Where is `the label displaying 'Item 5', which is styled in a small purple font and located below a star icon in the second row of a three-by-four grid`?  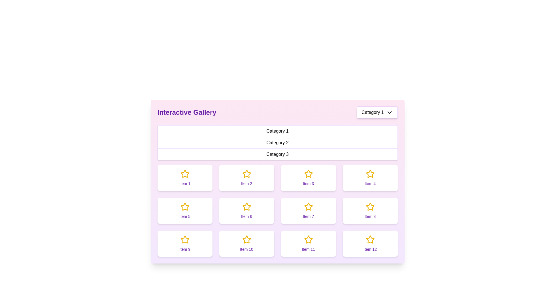
the label displaying 'Item 5', which is styled in a small purple font and located below a star icon in the second row of a three-by-four grid is located at coordinates (185, 216).